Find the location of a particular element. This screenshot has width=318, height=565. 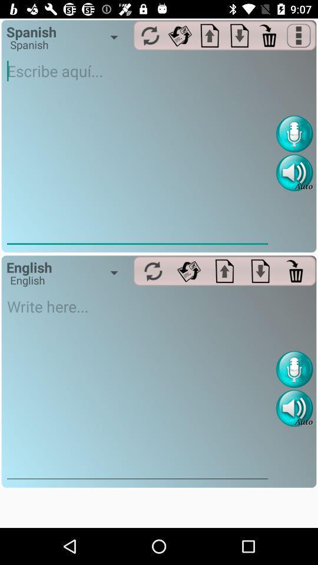

talk to microphone is located at coordinates (294, 368).